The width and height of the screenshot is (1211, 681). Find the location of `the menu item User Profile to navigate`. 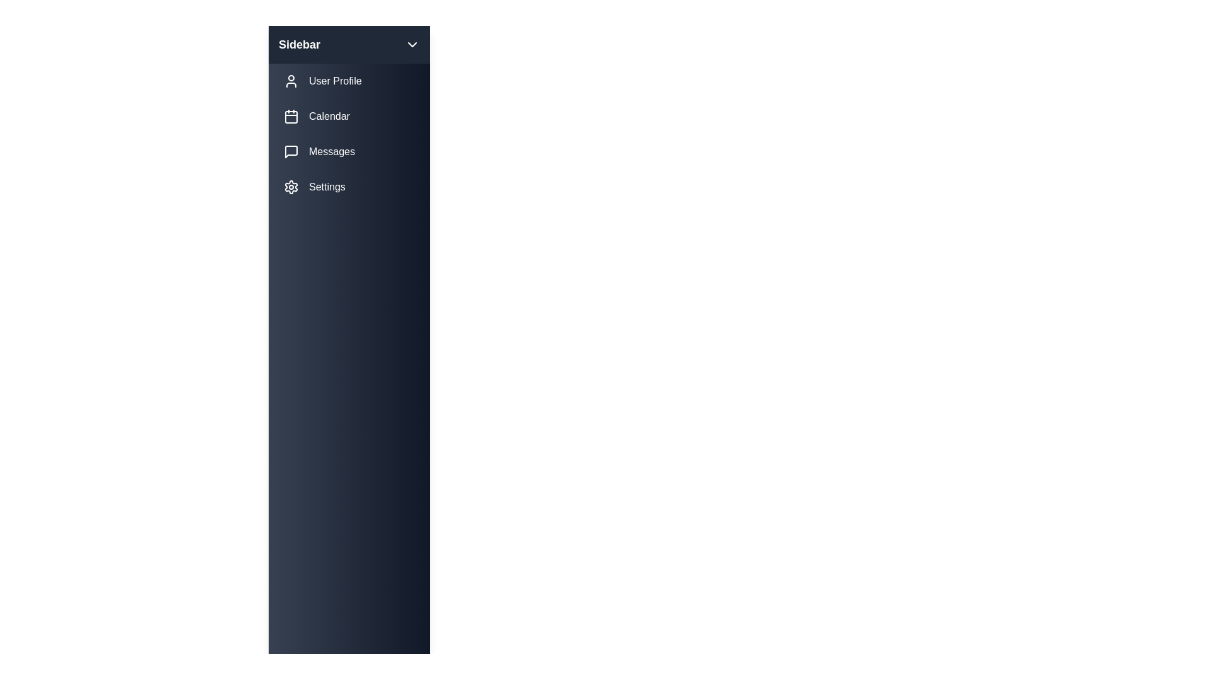

the menu item User Profile to navigate is located at coordinates (349, 81).